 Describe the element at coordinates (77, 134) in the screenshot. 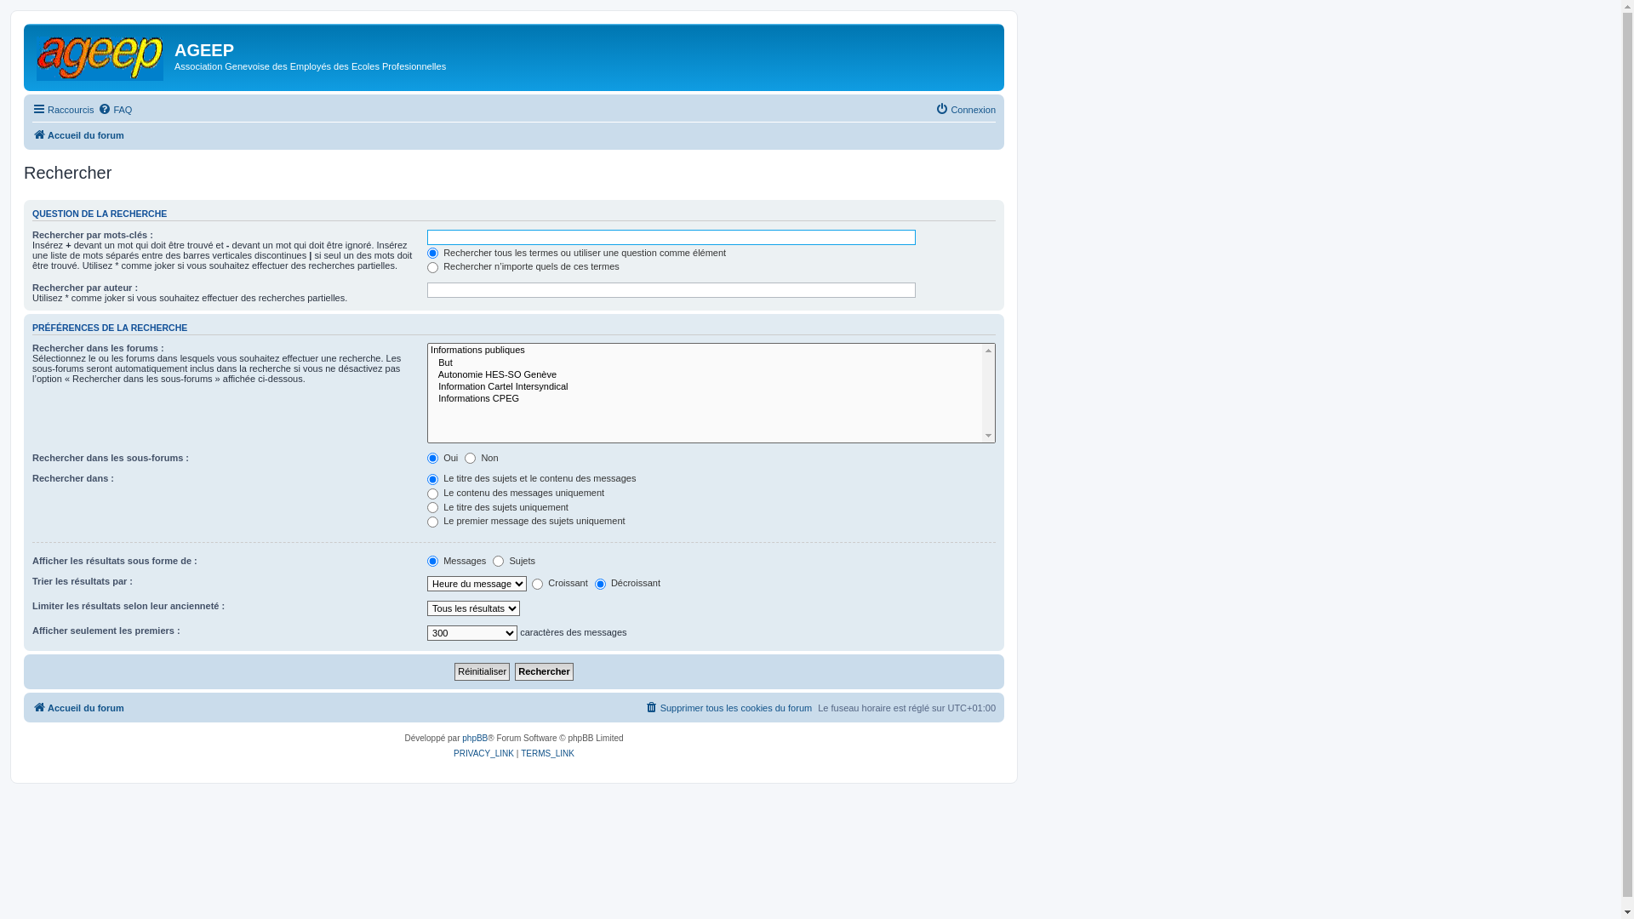

I see `'Accueil du forum'` at that location.